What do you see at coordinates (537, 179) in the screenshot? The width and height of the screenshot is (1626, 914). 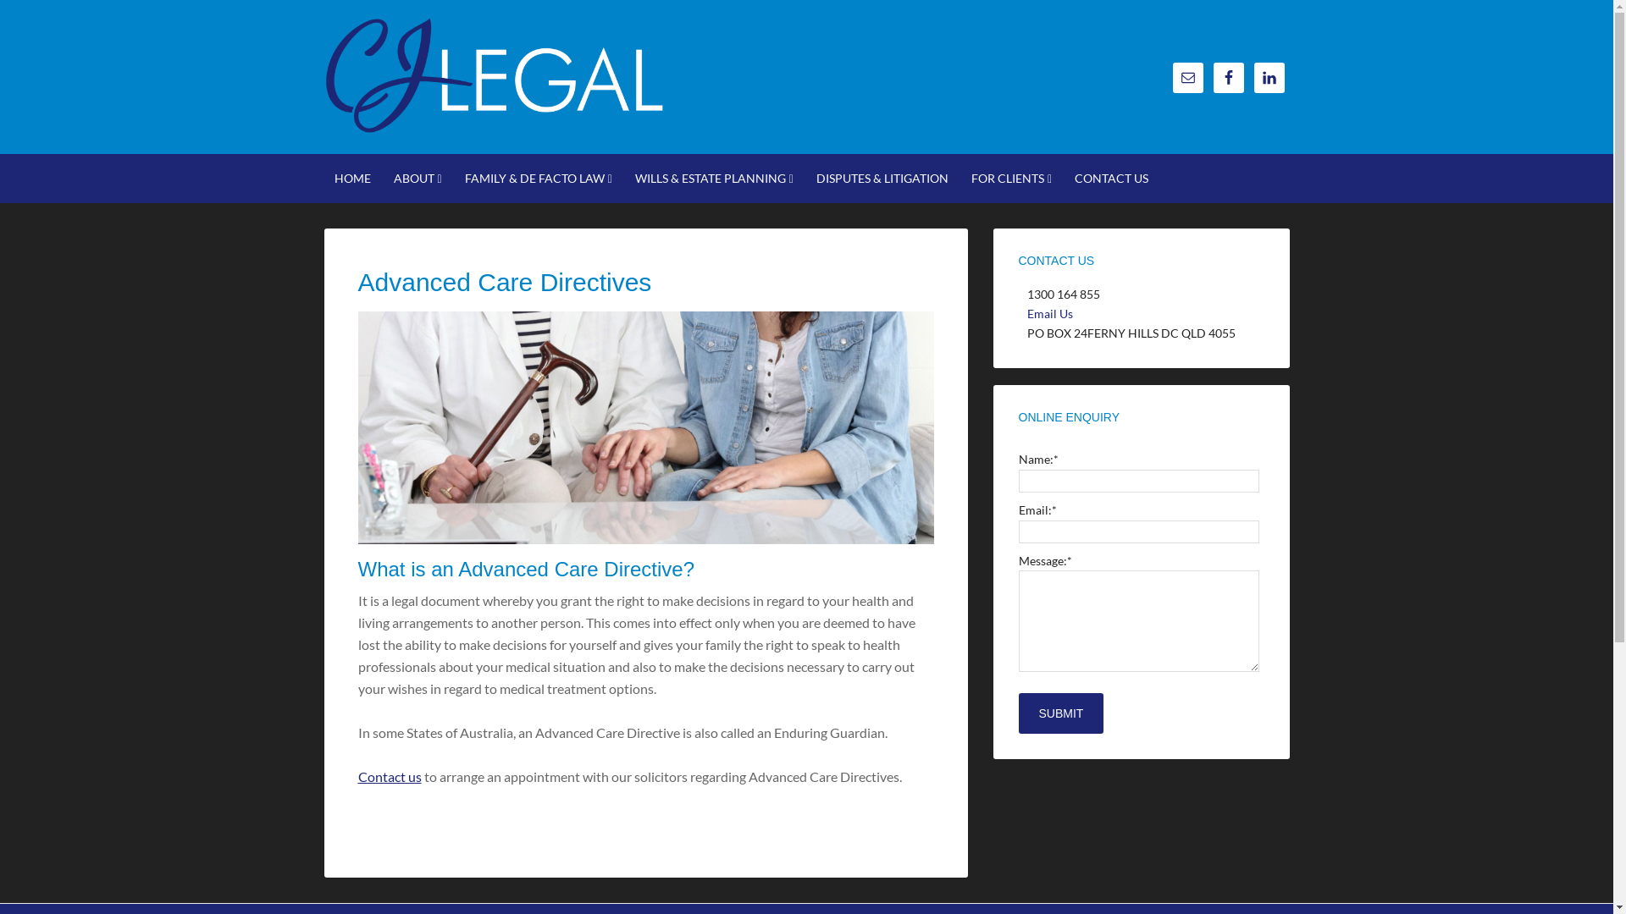 I see `'FAMILY & DE FACTO LAW'` at bounding box center [537, 179].